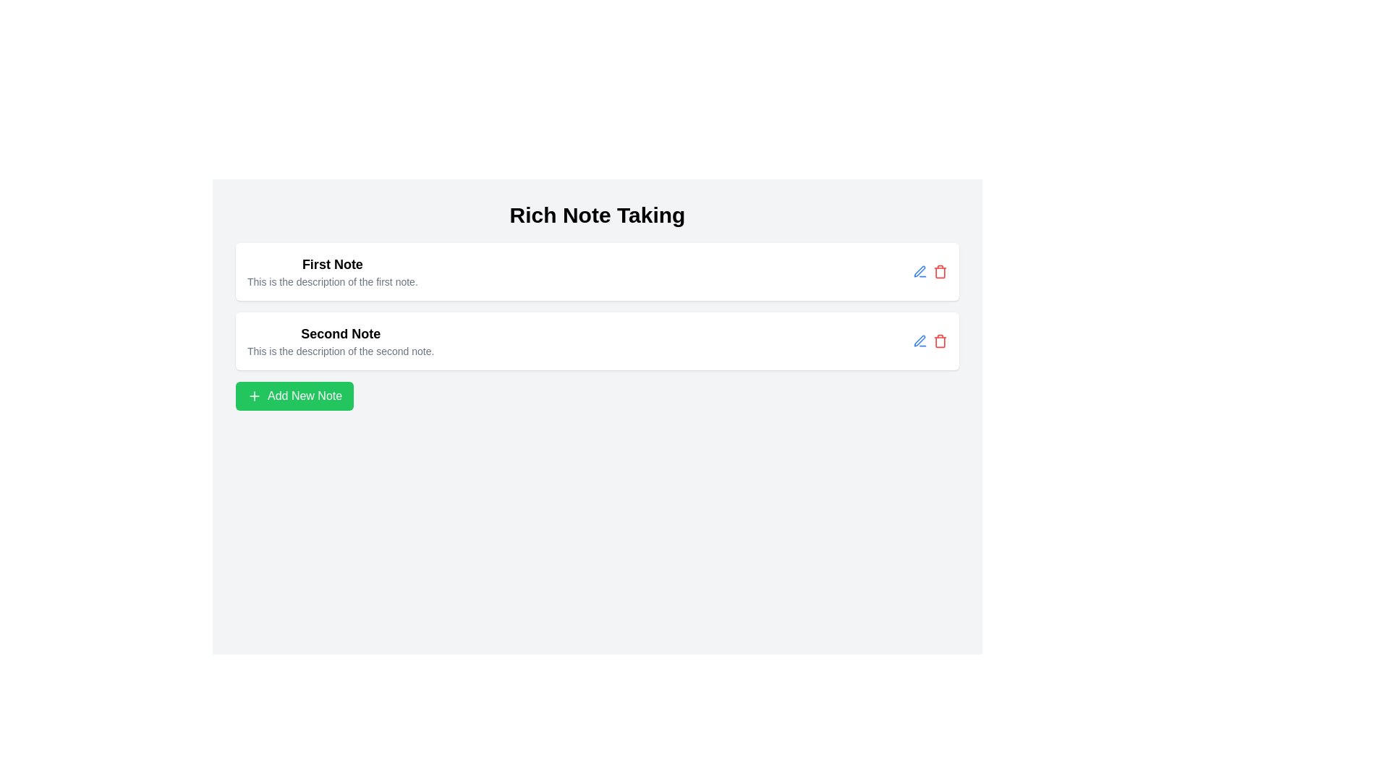 The width and height of the screenshot is (1389, 781). What do you see at coordinates (930, 271) in the screenshot?
I see `the group of action buttons (edit and delete icons) located in the rightmost section of the 'First Note' card` at bounding box center [930, 271].